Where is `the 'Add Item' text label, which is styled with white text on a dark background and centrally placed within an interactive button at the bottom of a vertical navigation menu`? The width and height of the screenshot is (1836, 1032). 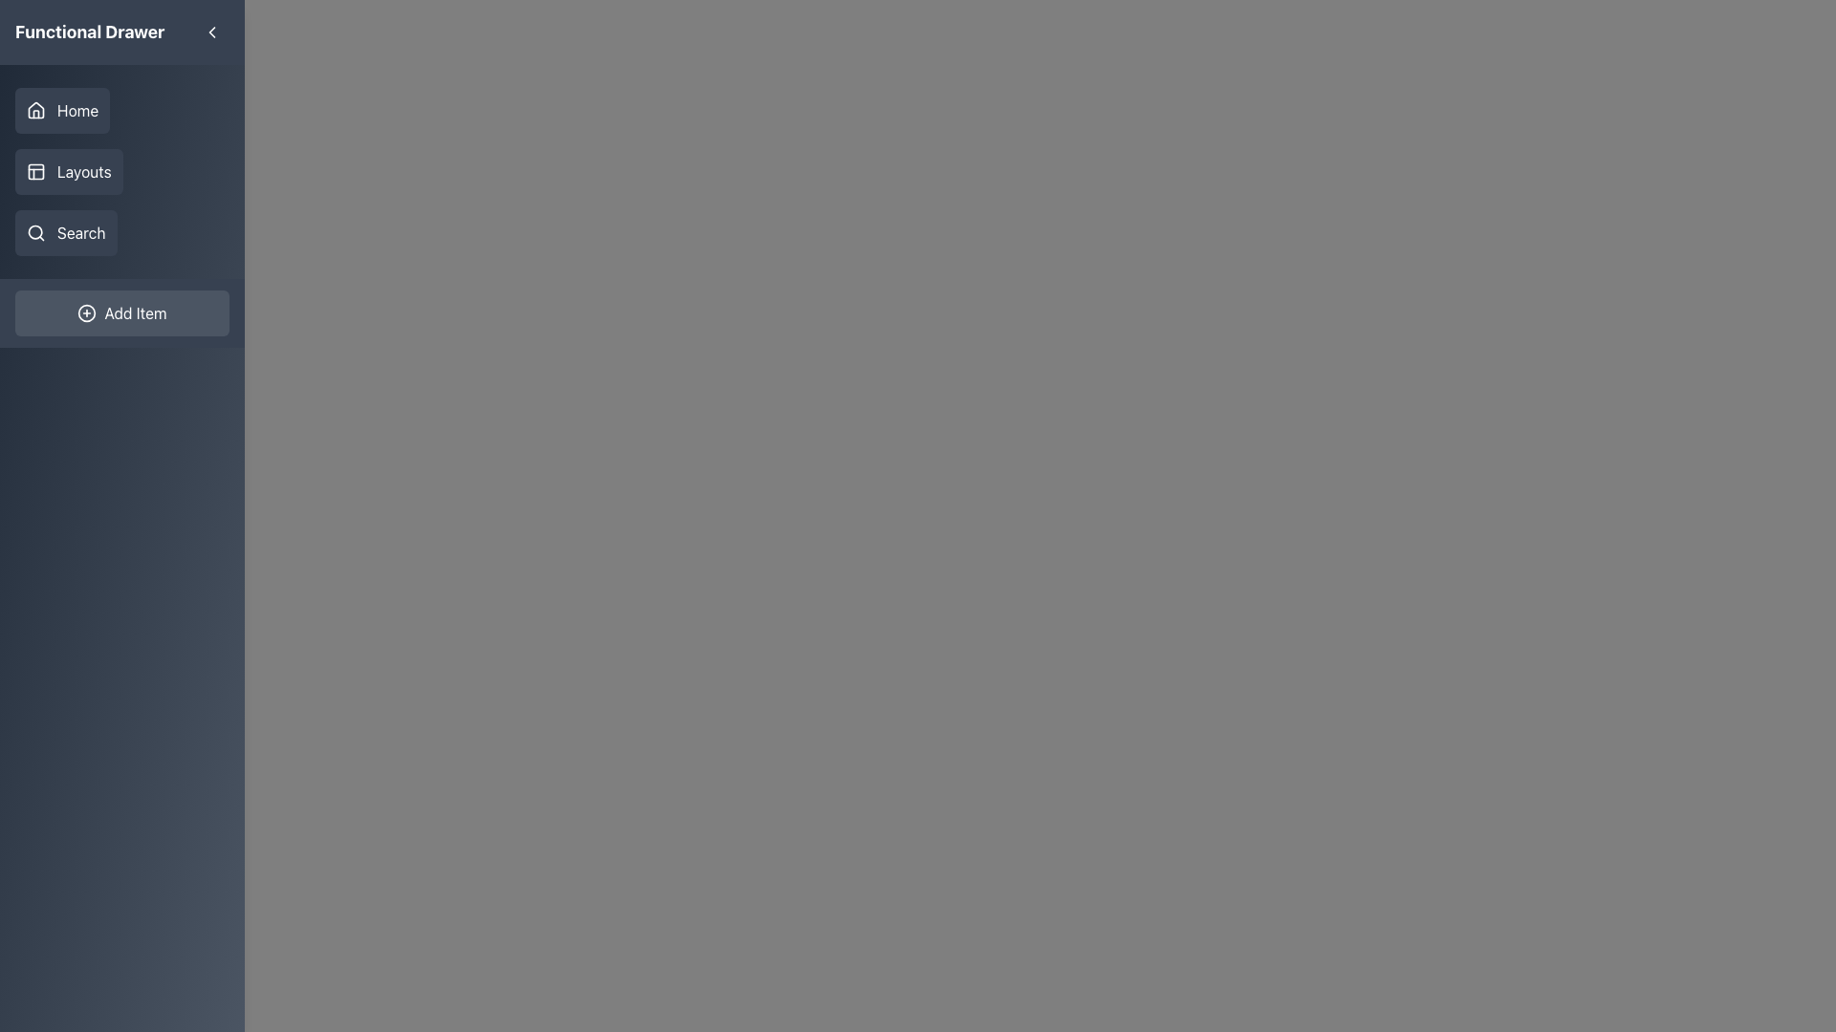 the 'Add Item' text label, which is styled with white text on a dark background and centrally placed within an interactive button at the bottom of a vertical navigation menu is located at coordinates (135, 312).